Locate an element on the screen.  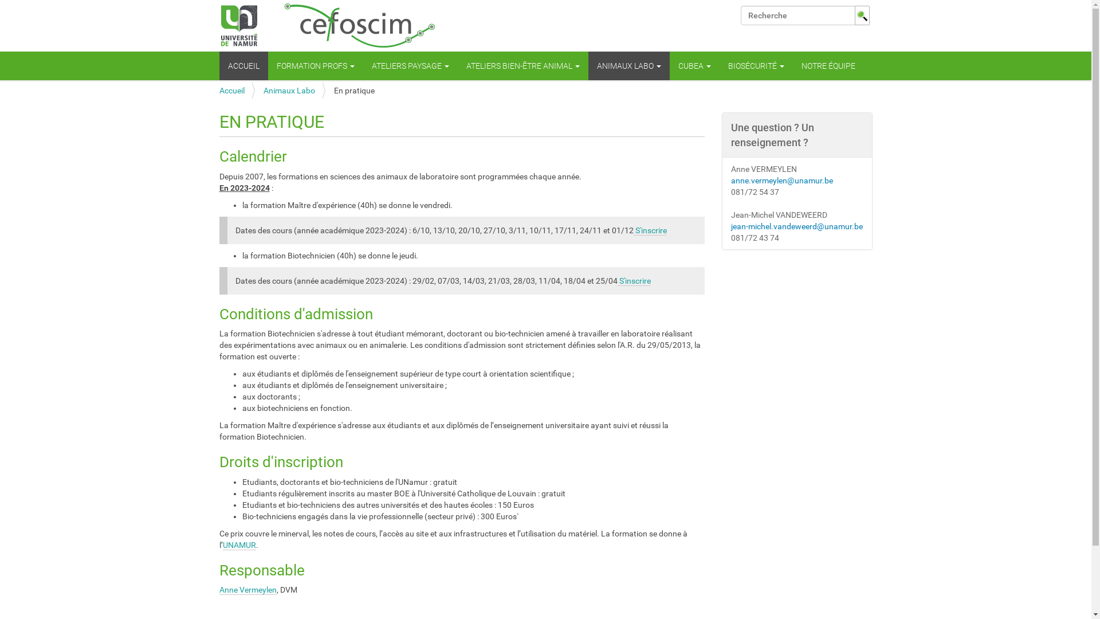
'Accueil' is located at coordinates (219, 90).